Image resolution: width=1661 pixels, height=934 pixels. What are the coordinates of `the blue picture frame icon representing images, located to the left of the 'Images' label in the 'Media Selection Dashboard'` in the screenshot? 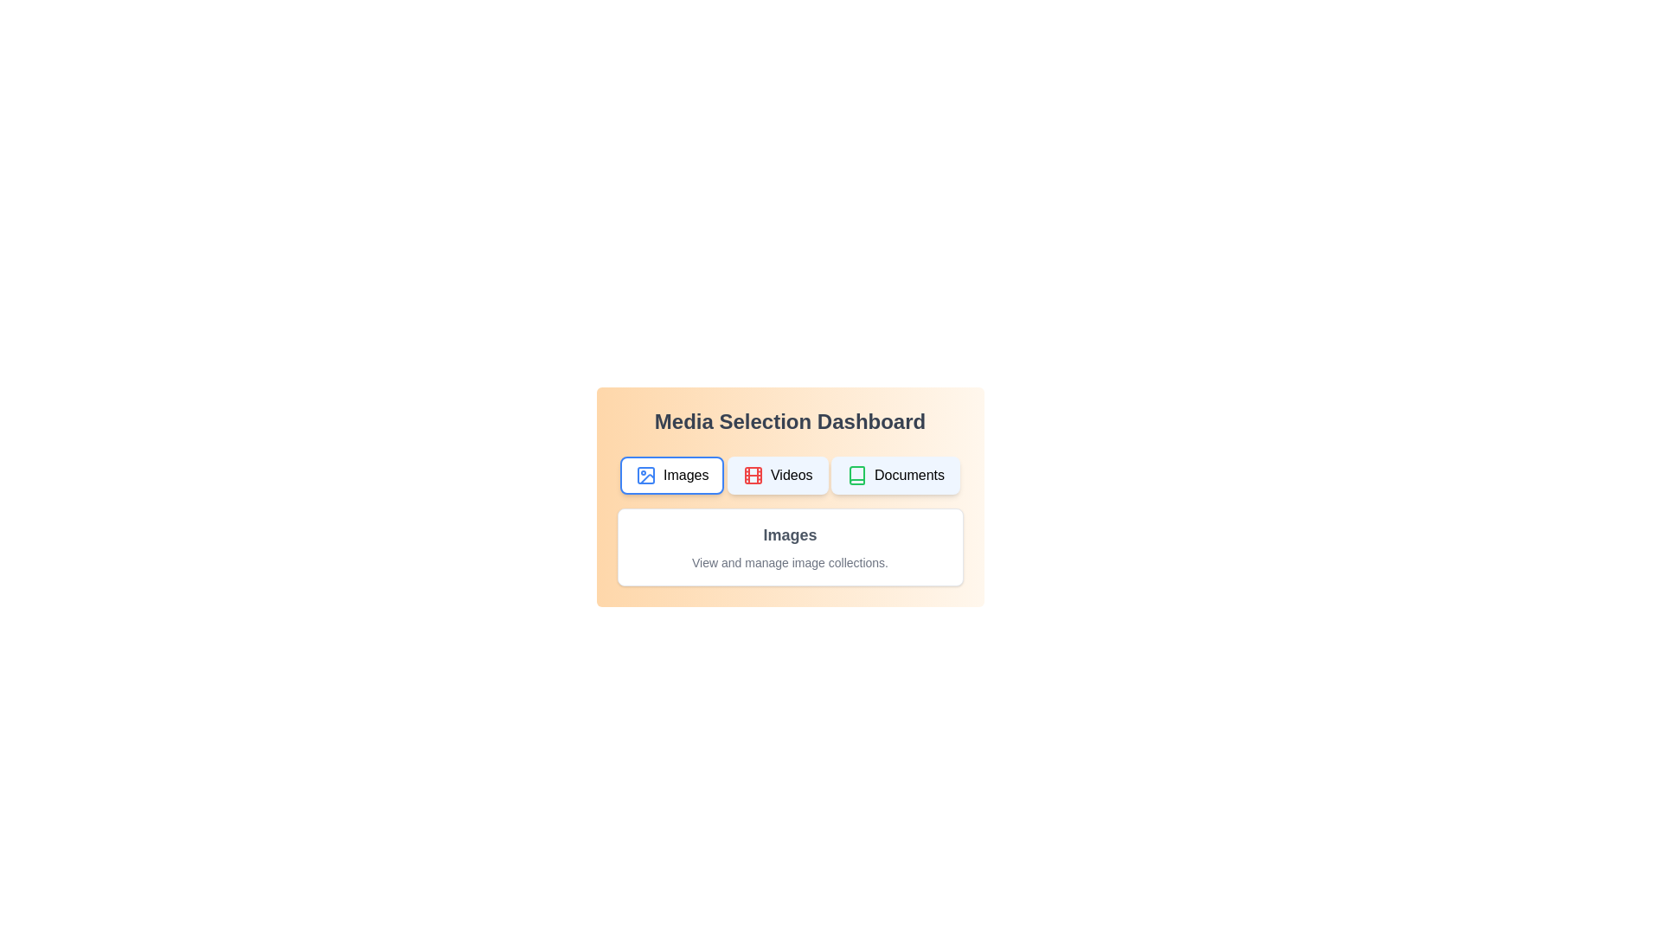 It's located at (645, 476).